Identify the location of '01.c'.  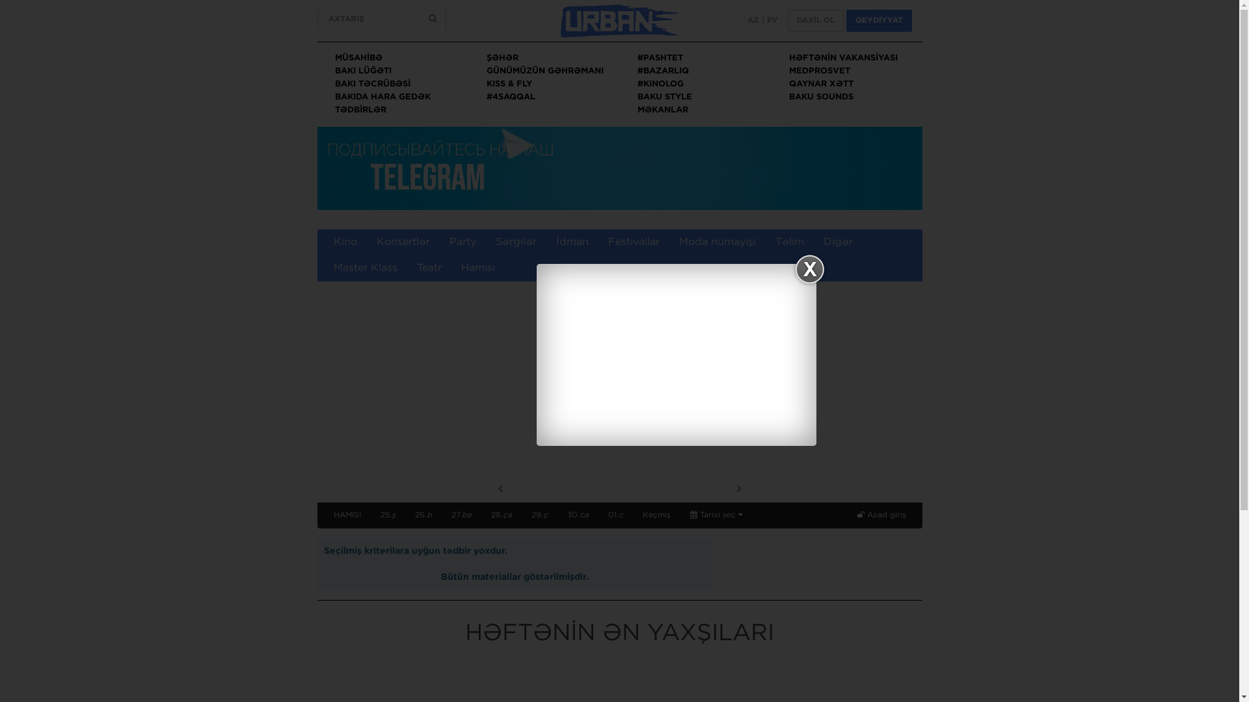
(615, 515).